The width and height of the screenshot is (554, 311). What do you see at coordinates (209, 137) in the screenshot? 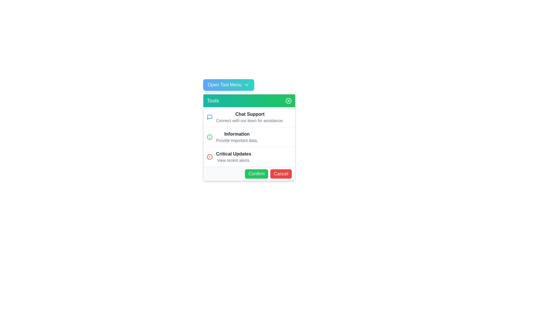
I see `the circular green outlined icon with an information mark located at the leftmost side of the list item labeled 'InformationProvide important data.' in the 'Tools' section of the menu` at bounding box center [209, 137].